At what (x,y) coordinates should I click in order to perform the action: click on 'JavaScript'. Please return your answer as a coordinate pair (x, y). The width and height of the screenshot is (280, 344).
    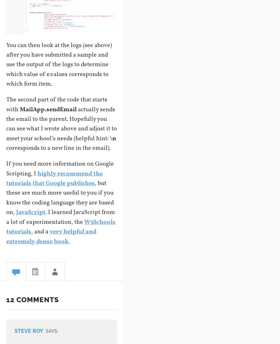
    Looking at the image, I should click on (30, 212).